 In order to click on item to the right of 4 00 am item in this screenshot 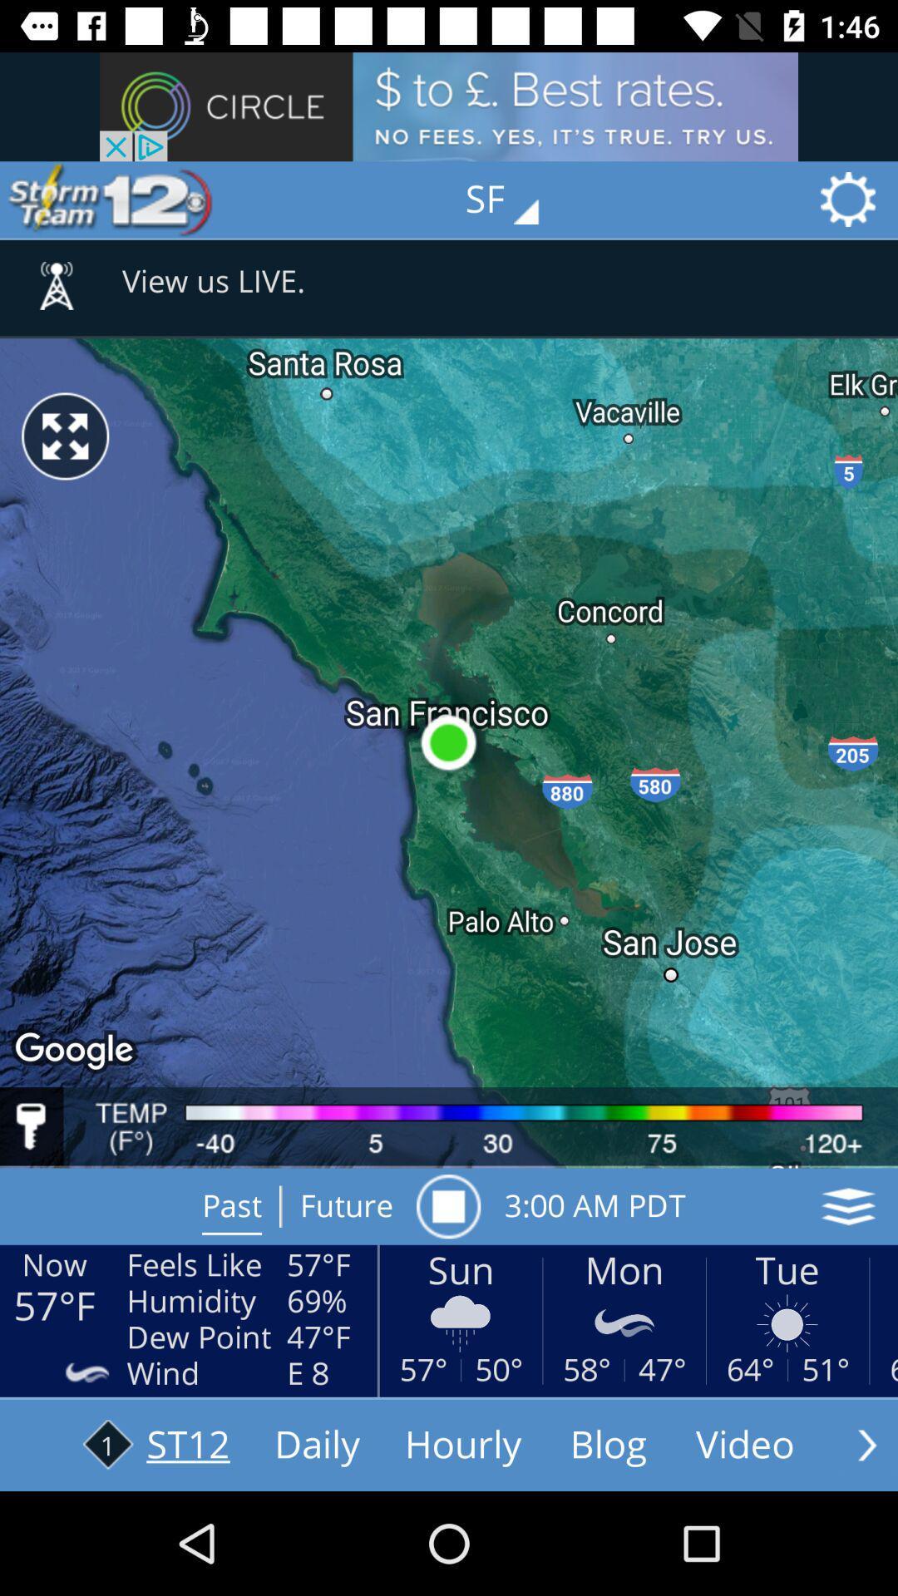, I will do `click(848, 1206)`.